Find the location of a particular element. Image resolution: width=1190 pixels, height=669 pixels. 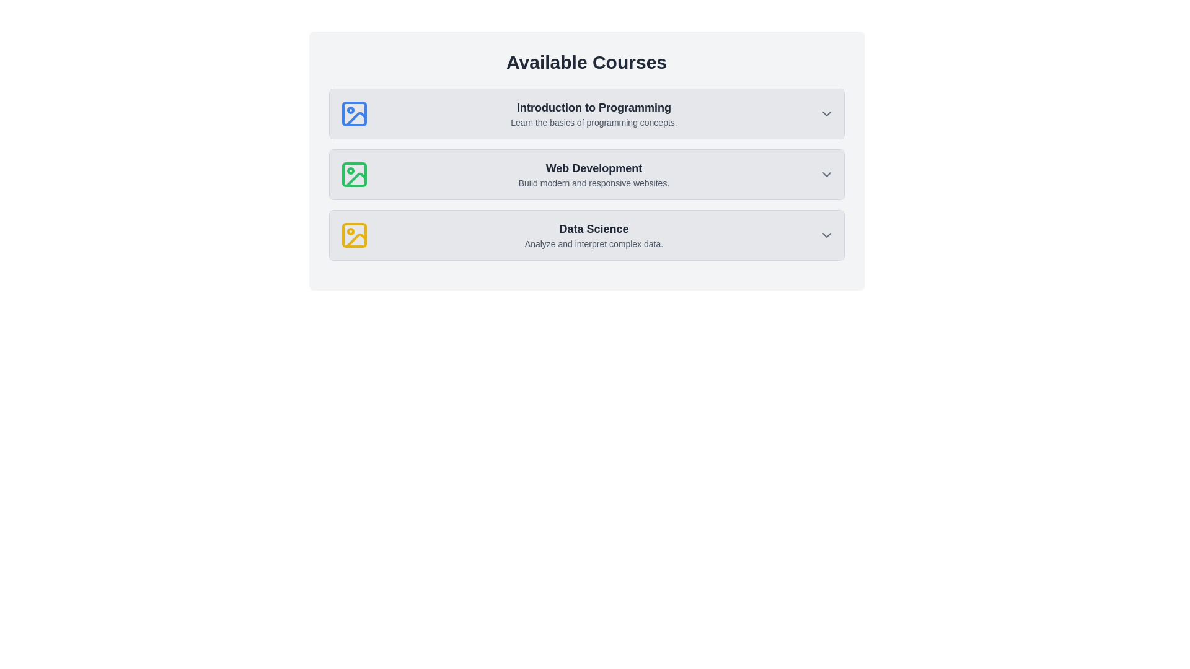

the decorative graphical component with a blue outline located inside the first icon in the course list, positioned to the left of the text 'Introduction to Programming' is located at coordinates (353, 114).